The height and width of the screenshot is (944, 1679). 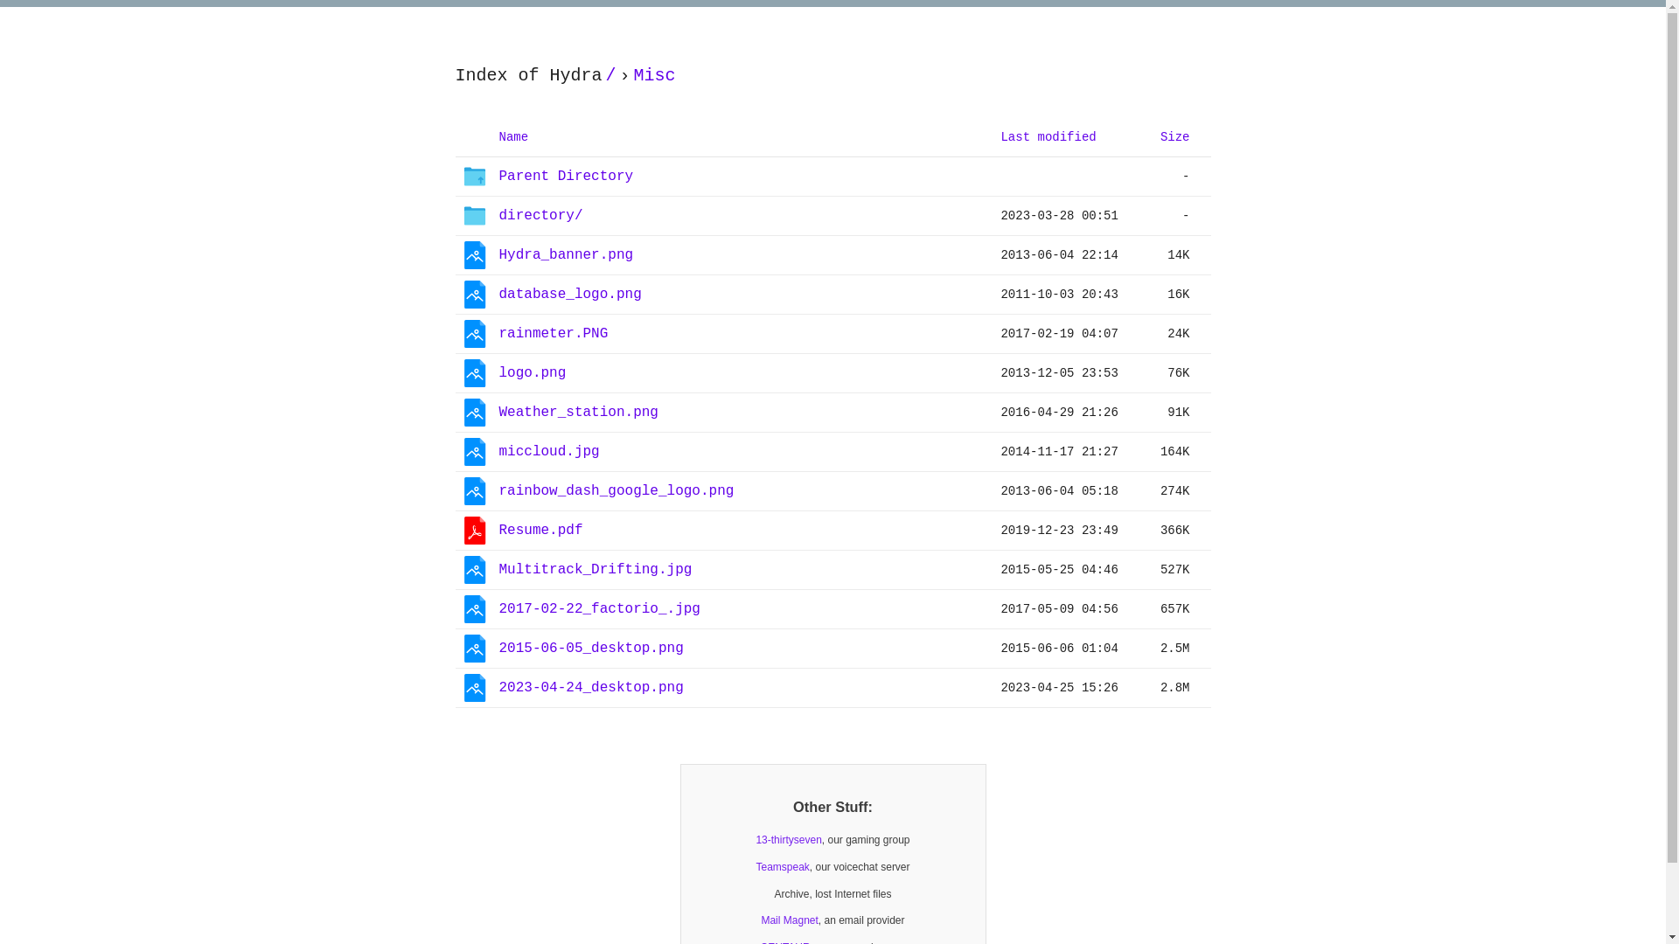 I want to click on 'logo.png', so click(x=531, y=372).